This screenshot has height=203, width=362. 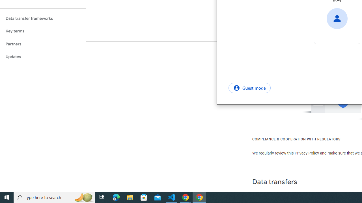 What do you see at coordinates (116, 197) in the screenshot?
I see `'Microsoft Edge'` at bounding box center [116, 197].